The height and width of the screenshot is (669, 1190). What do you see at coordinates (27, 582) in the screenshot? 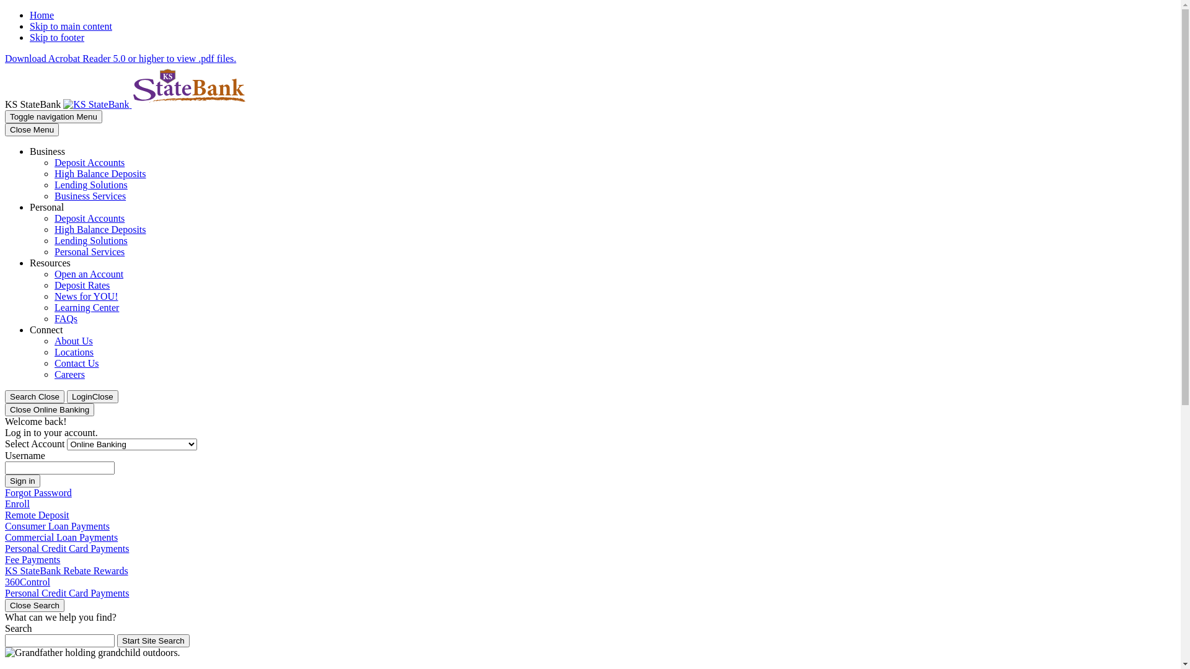
I see `'360Control'` at bounding box center [27, 582].